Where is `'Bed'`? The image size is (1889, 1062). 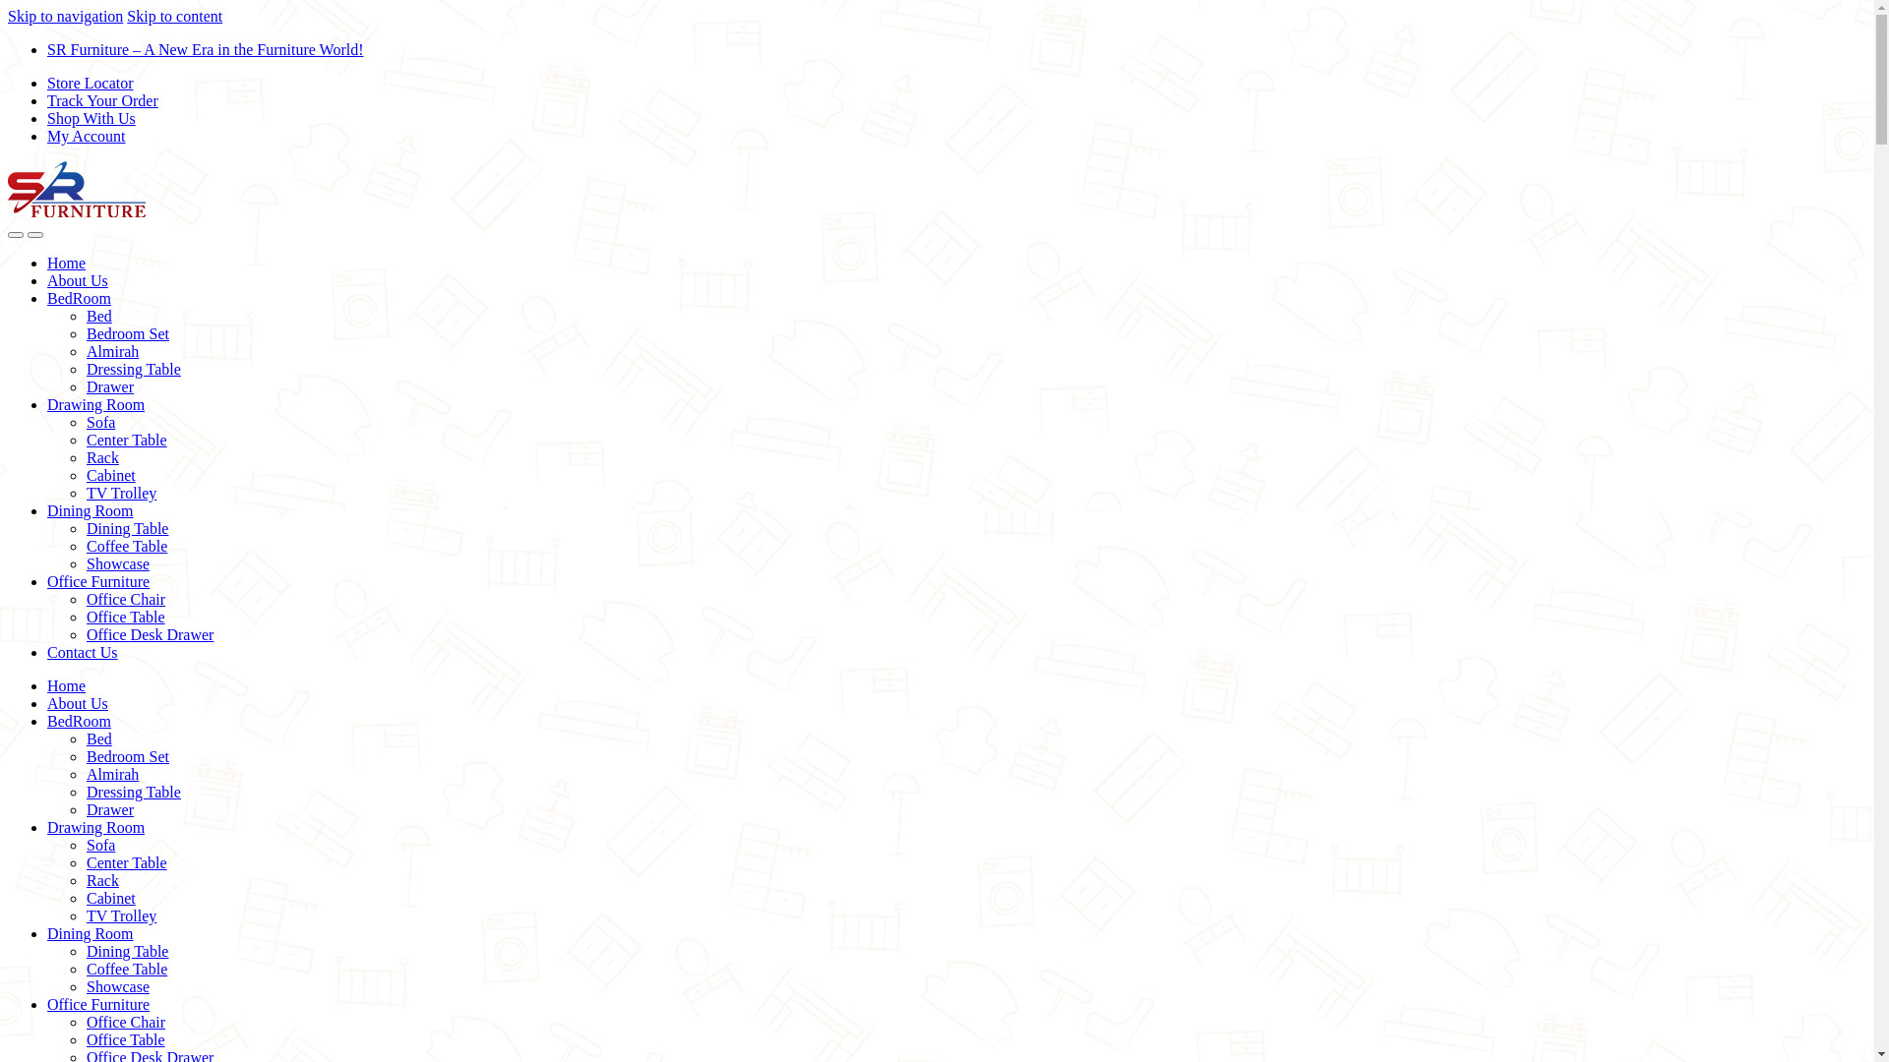 'Bed' is located at coordinates (97, 315).